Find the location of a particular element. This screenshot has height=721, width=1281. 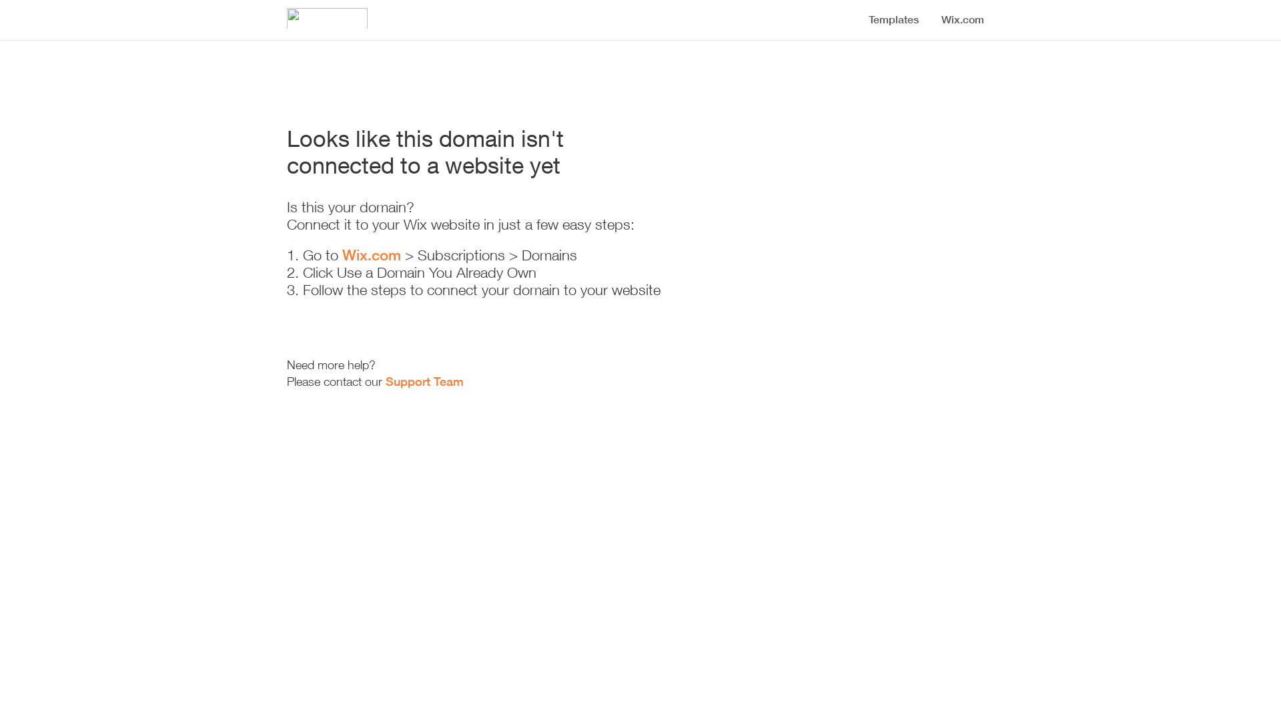

'Wix.com' is located at coordinates (371, 254).